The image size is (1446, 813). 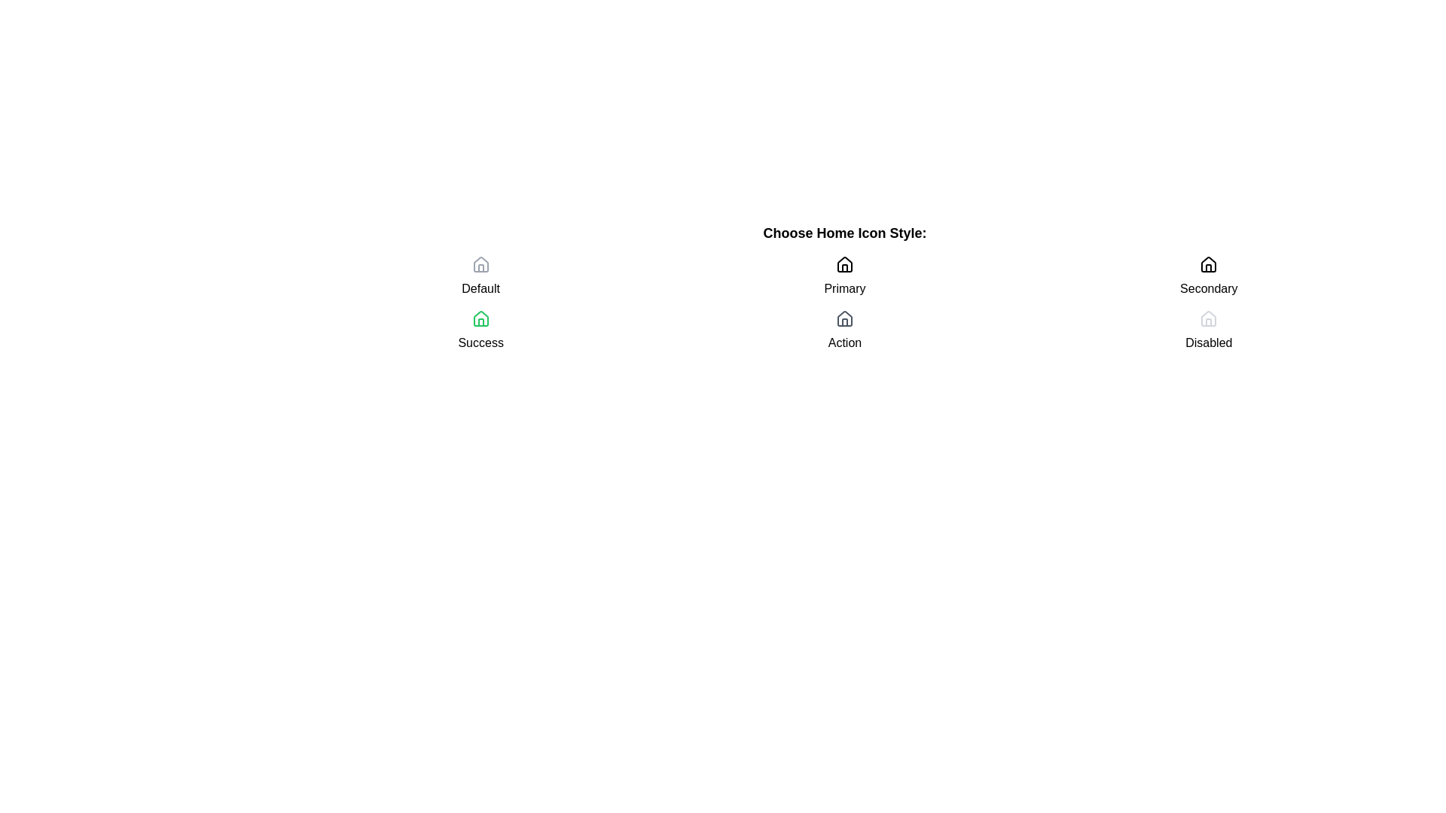 I want to click on the door icon located at the lower center of the 'Secondary' house icon in the 'Choose Home Icon Style' section, so click(x=1209, y=267).